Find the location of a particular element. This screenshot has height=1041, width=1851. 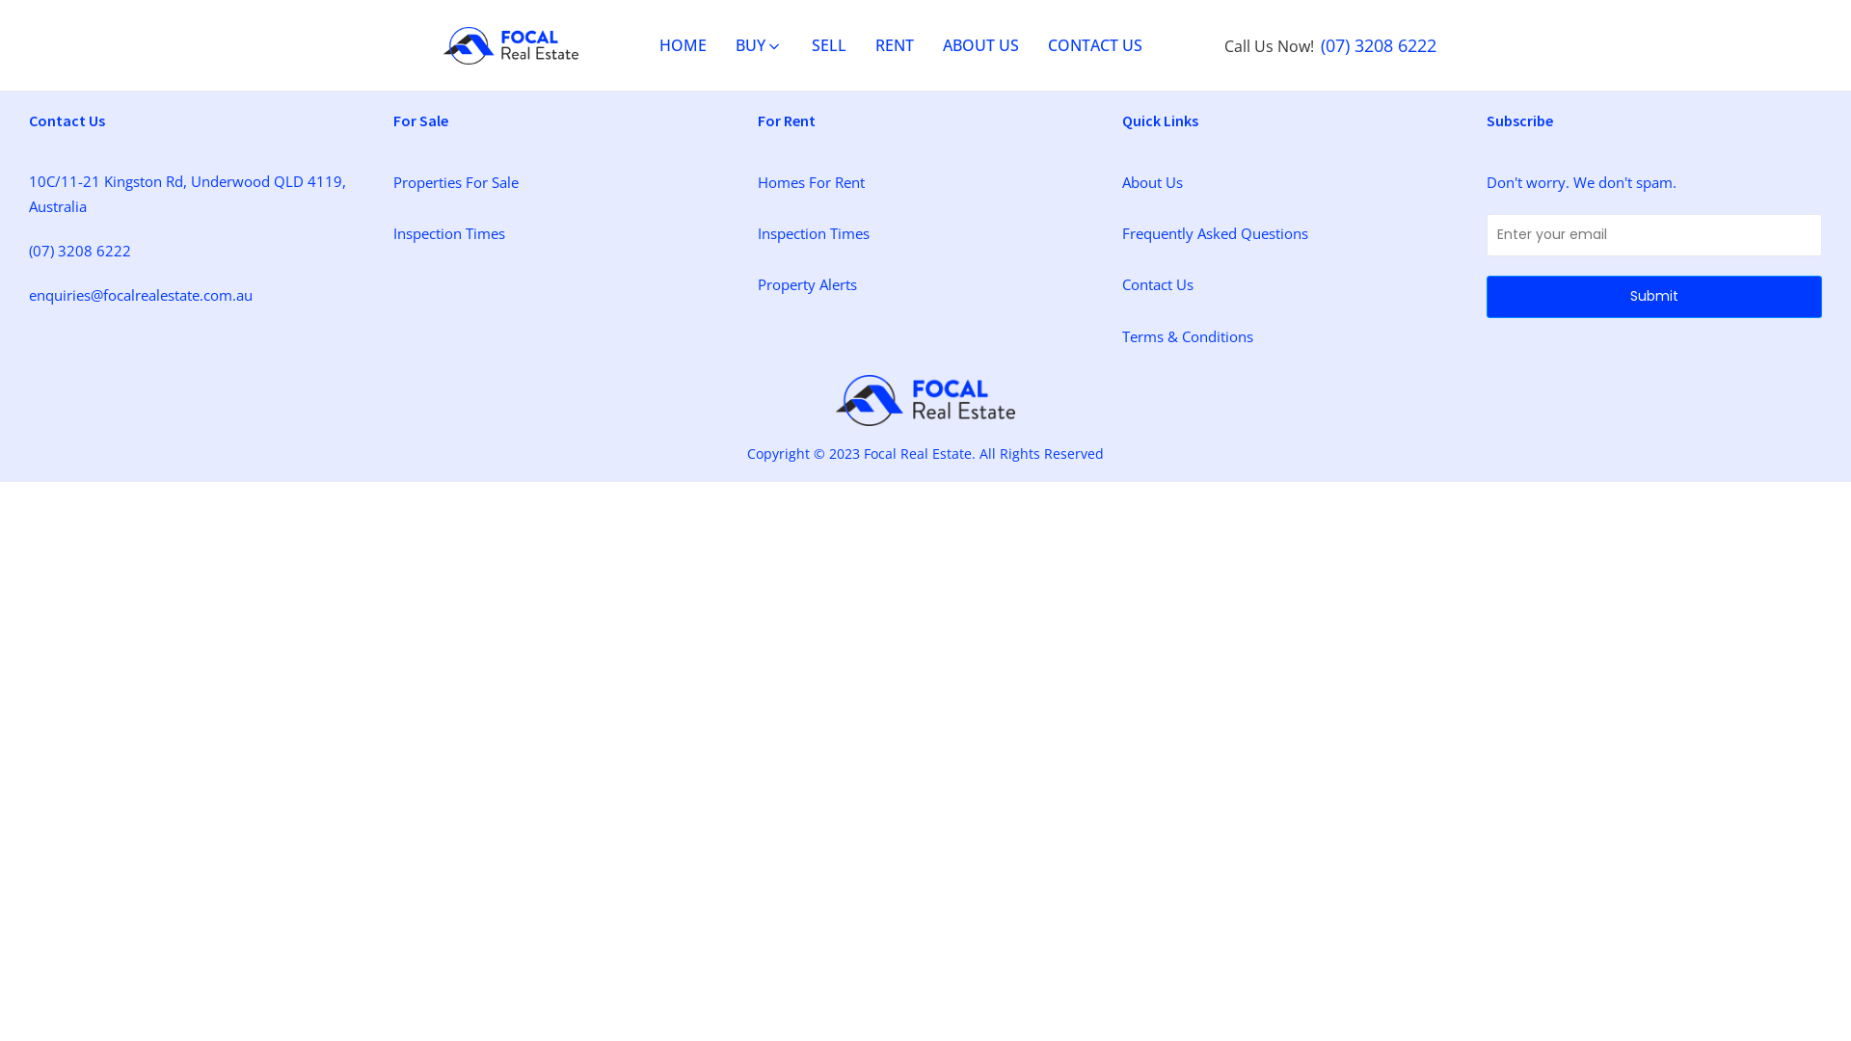

'enquiries@focalrealestate.com.au' is located at coordinates (139, 294).